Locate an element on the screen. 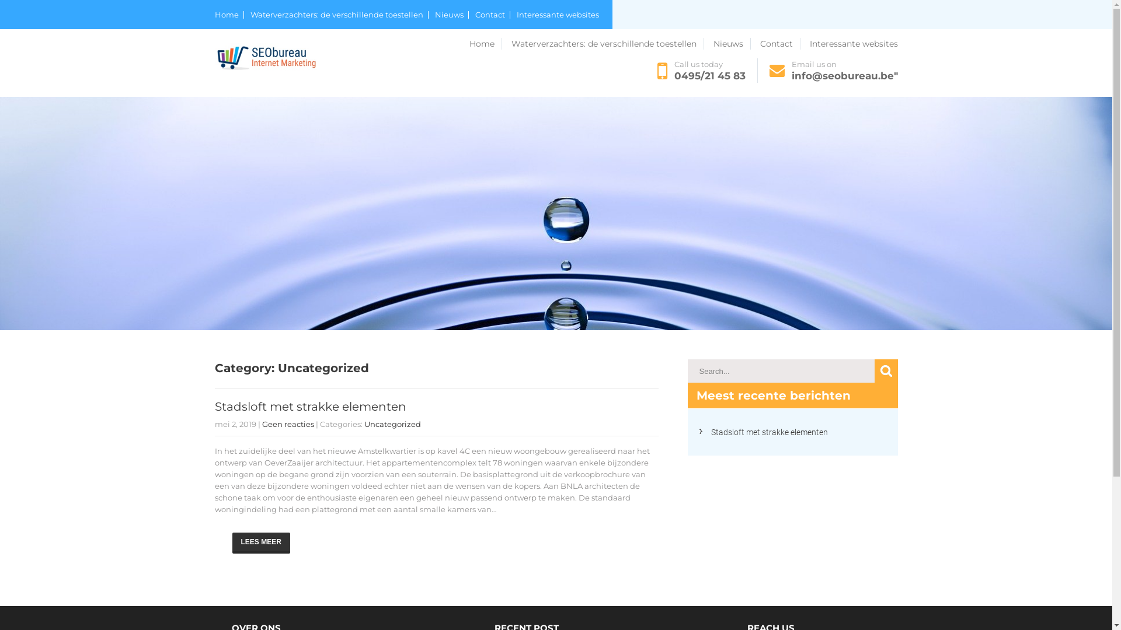  'Contact' is located at coordinates (780, 43).